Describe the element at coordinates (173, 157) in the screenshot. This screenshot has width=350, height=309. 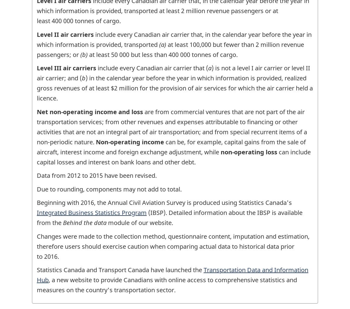
I see `'can include capital losses and interest on bank loans and other debt.'` at that location.